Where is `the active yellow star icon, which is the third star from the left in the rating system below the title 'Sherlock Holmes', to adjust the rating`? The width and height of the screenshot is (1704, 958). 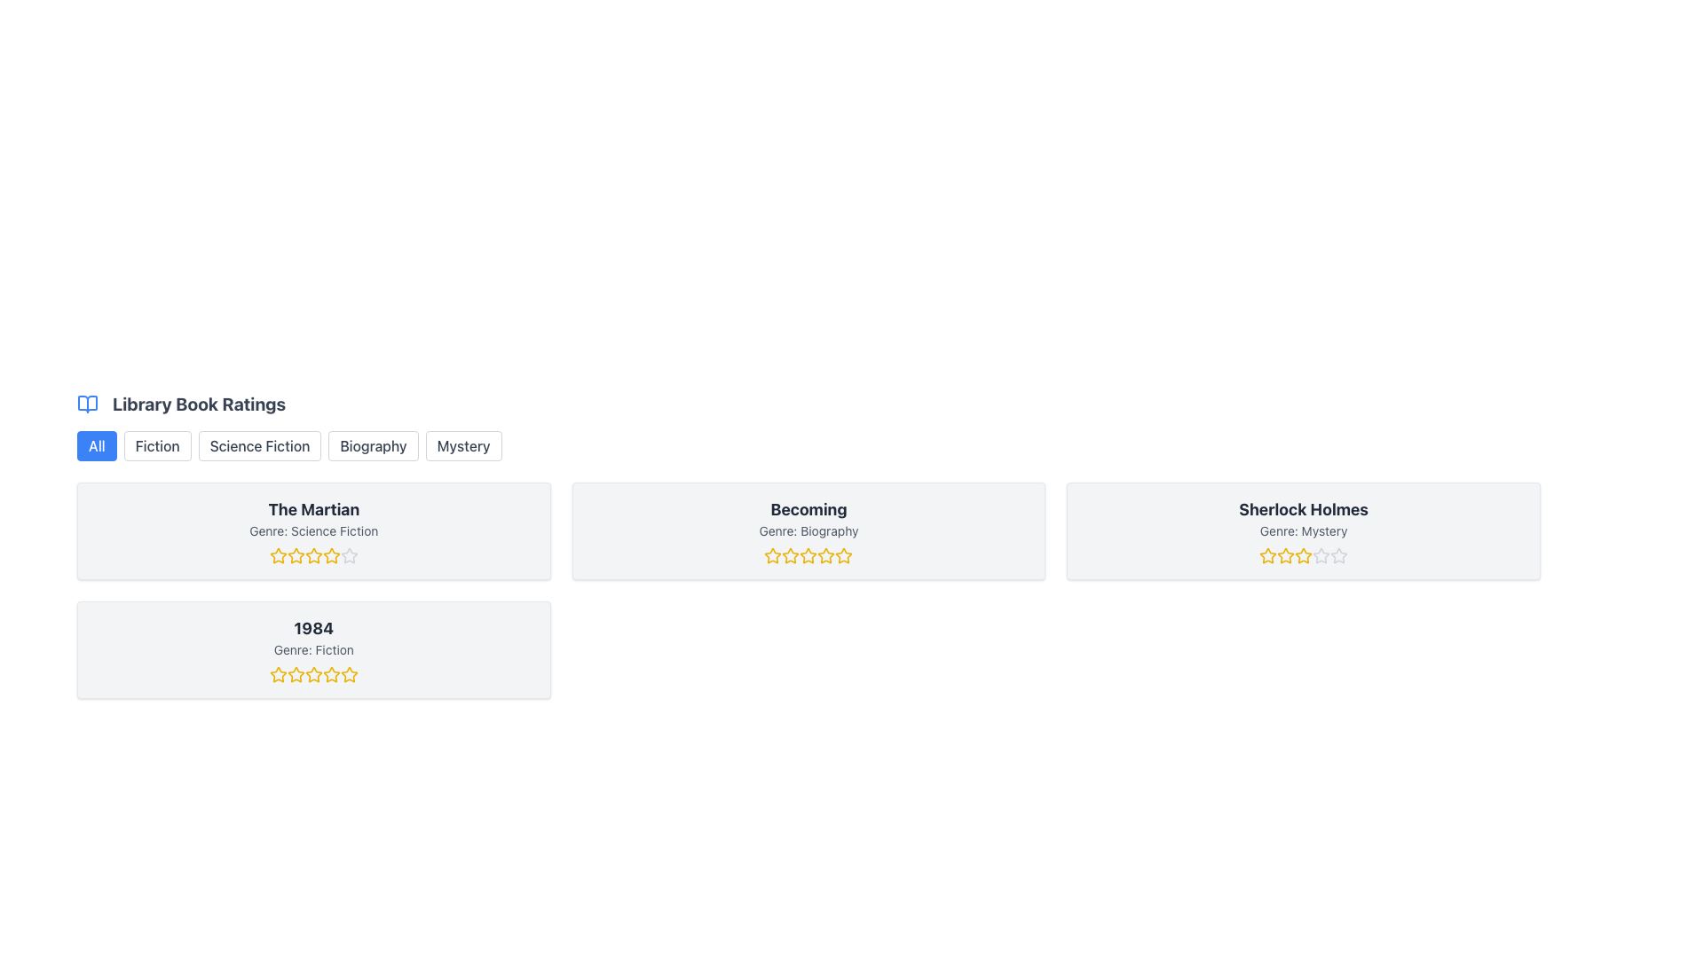
the active yellow star icon, which is the third star from the left in the rating system below the title 'Sherlock Holmes', to adjust the rating is located at coordinates (1286, 555).